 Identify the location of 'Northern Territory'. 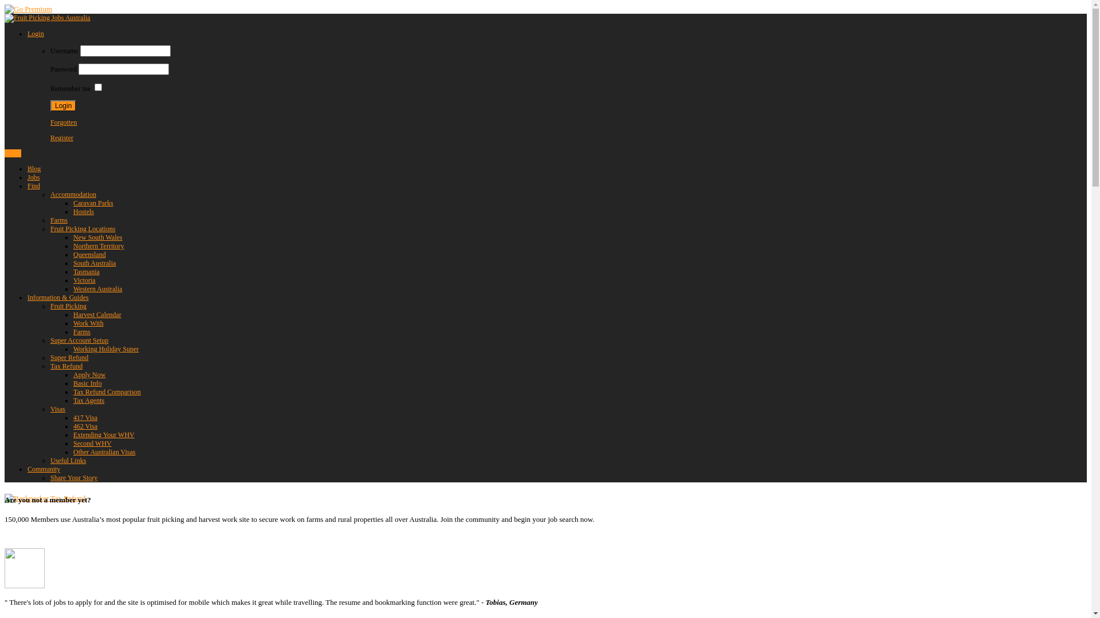
(99, 245).